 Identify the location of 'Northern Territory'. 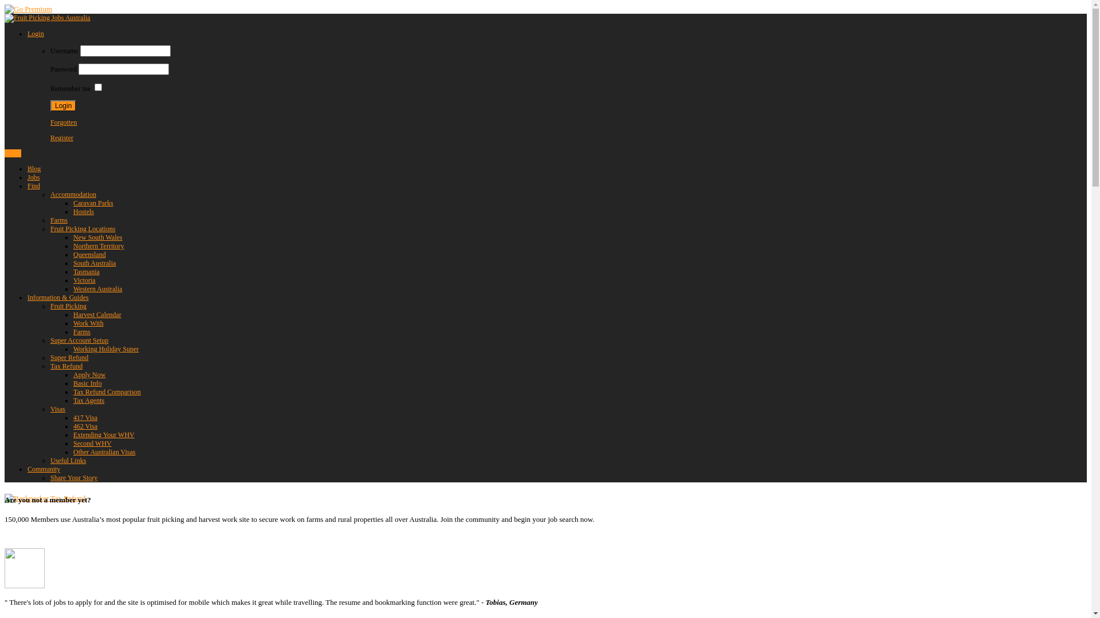
(99, 245).